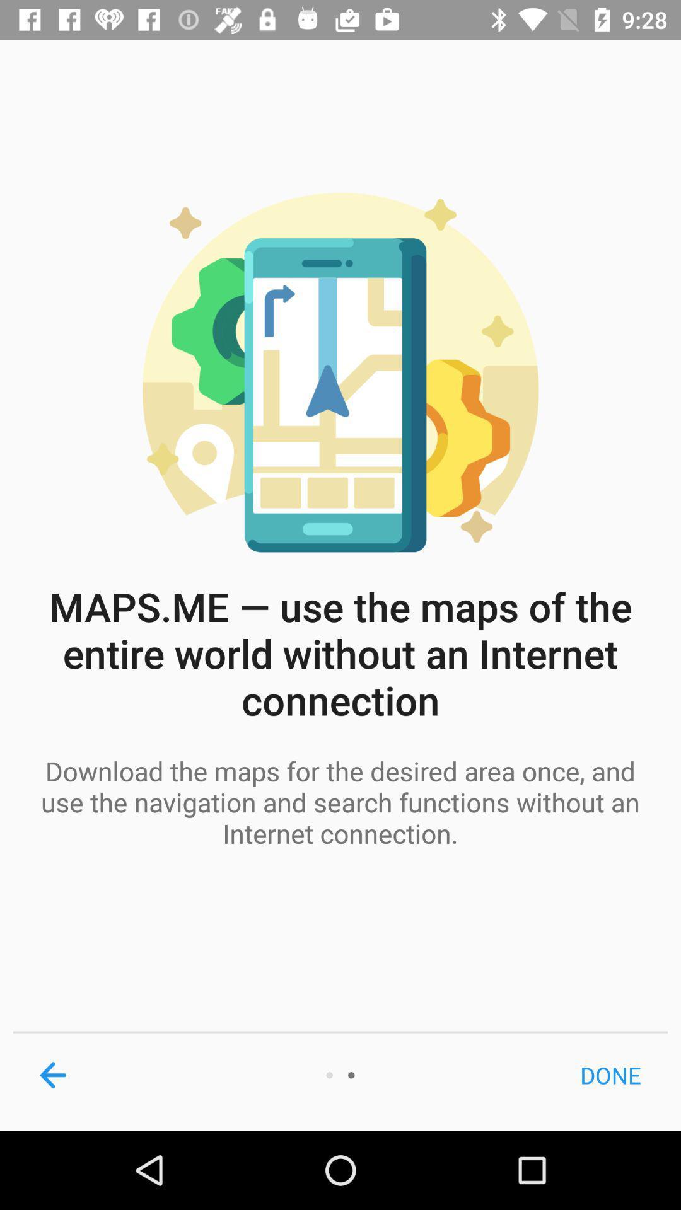 The width and height of the screenshot is (681, 1210). Describe the element at coordinates (610, 1075) in the screenshot. I see `done item` at that location.